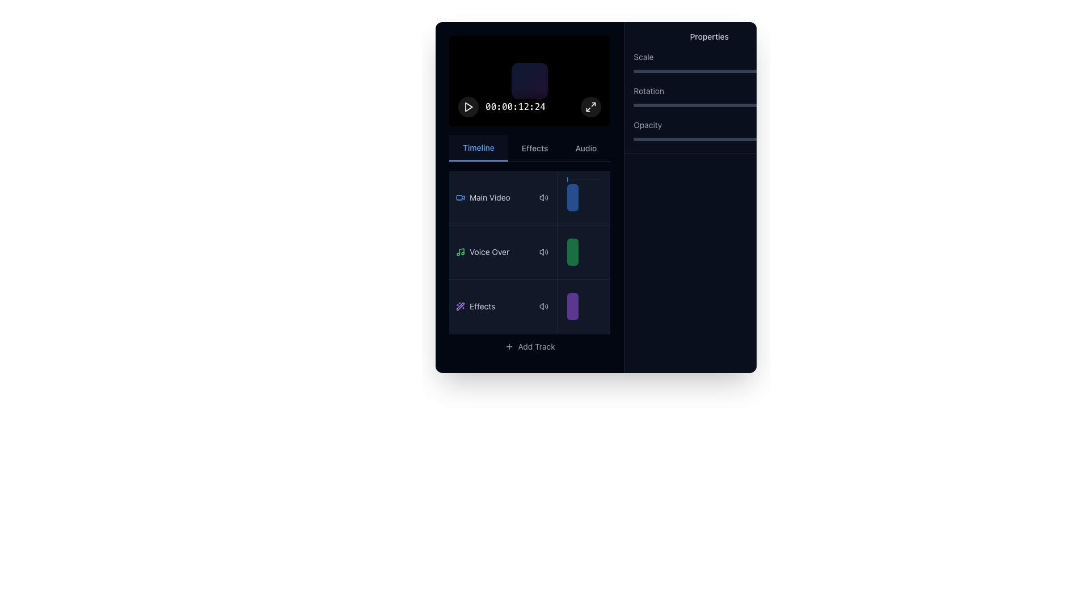  I want to click on the presence of the outer wave element of the 'Volume' icon, which visually indicates sound or volume in the user interface, so click(547, 307).